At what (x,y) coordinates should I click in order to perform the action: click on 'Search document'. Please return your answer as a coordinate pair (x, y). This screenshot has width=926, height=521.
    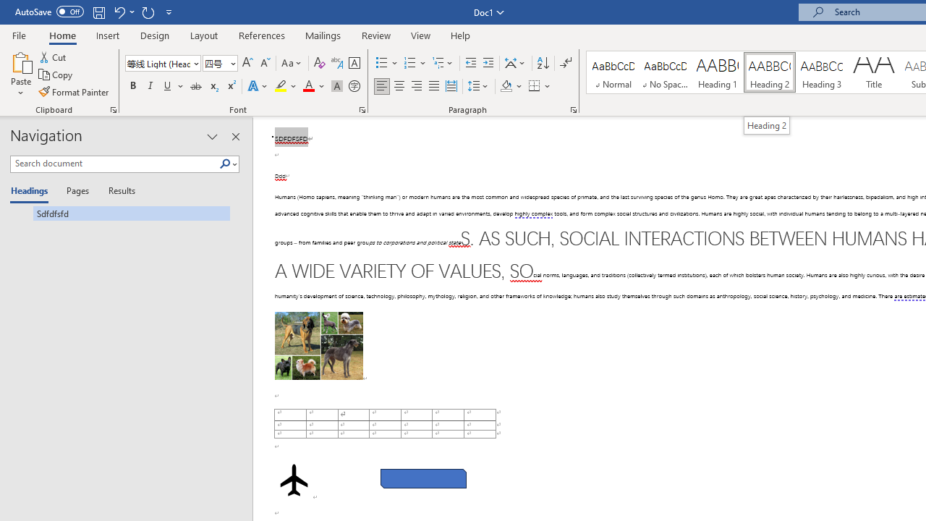
    Looking at the image, I should click on (114, 163).